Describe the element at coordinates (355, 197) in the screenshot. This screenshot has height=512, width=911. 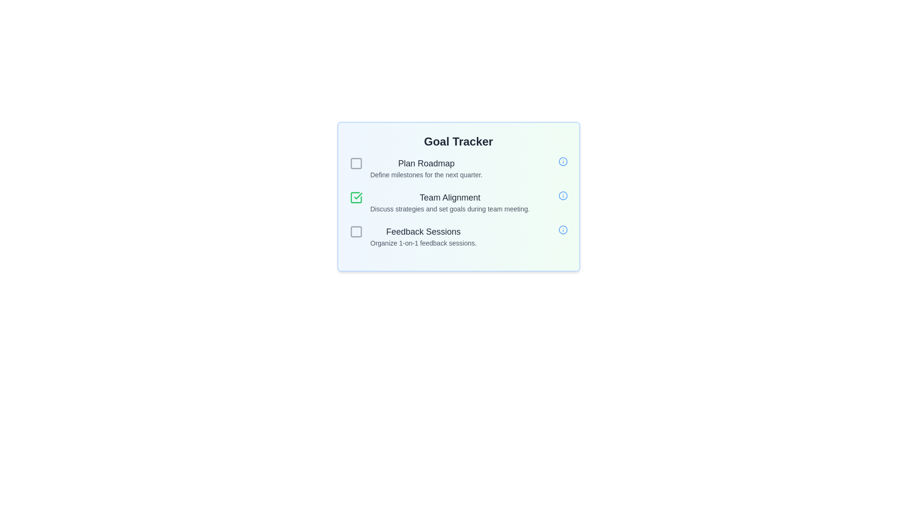
I see `the checkbox` at that location.